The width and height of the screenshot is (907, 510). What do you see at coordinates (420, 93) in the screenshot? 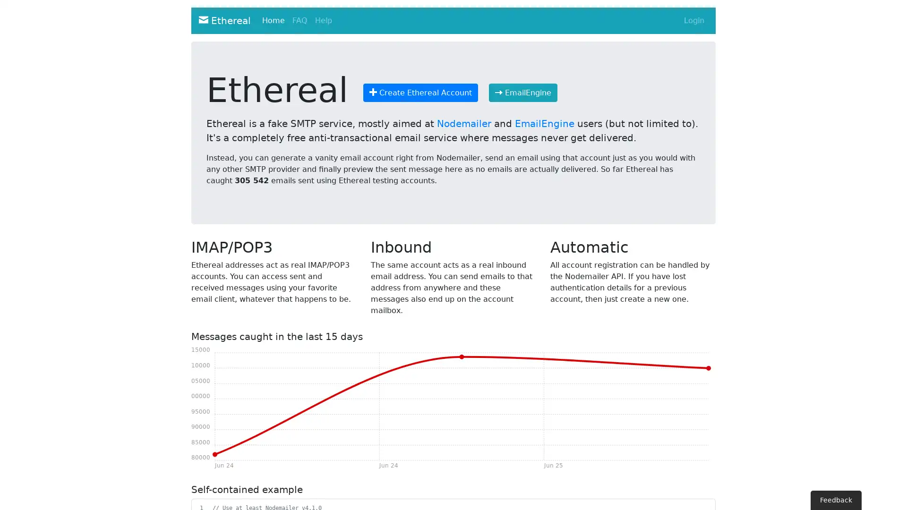
I see `Create Ethereal Account` at bounding box center [420, 93].